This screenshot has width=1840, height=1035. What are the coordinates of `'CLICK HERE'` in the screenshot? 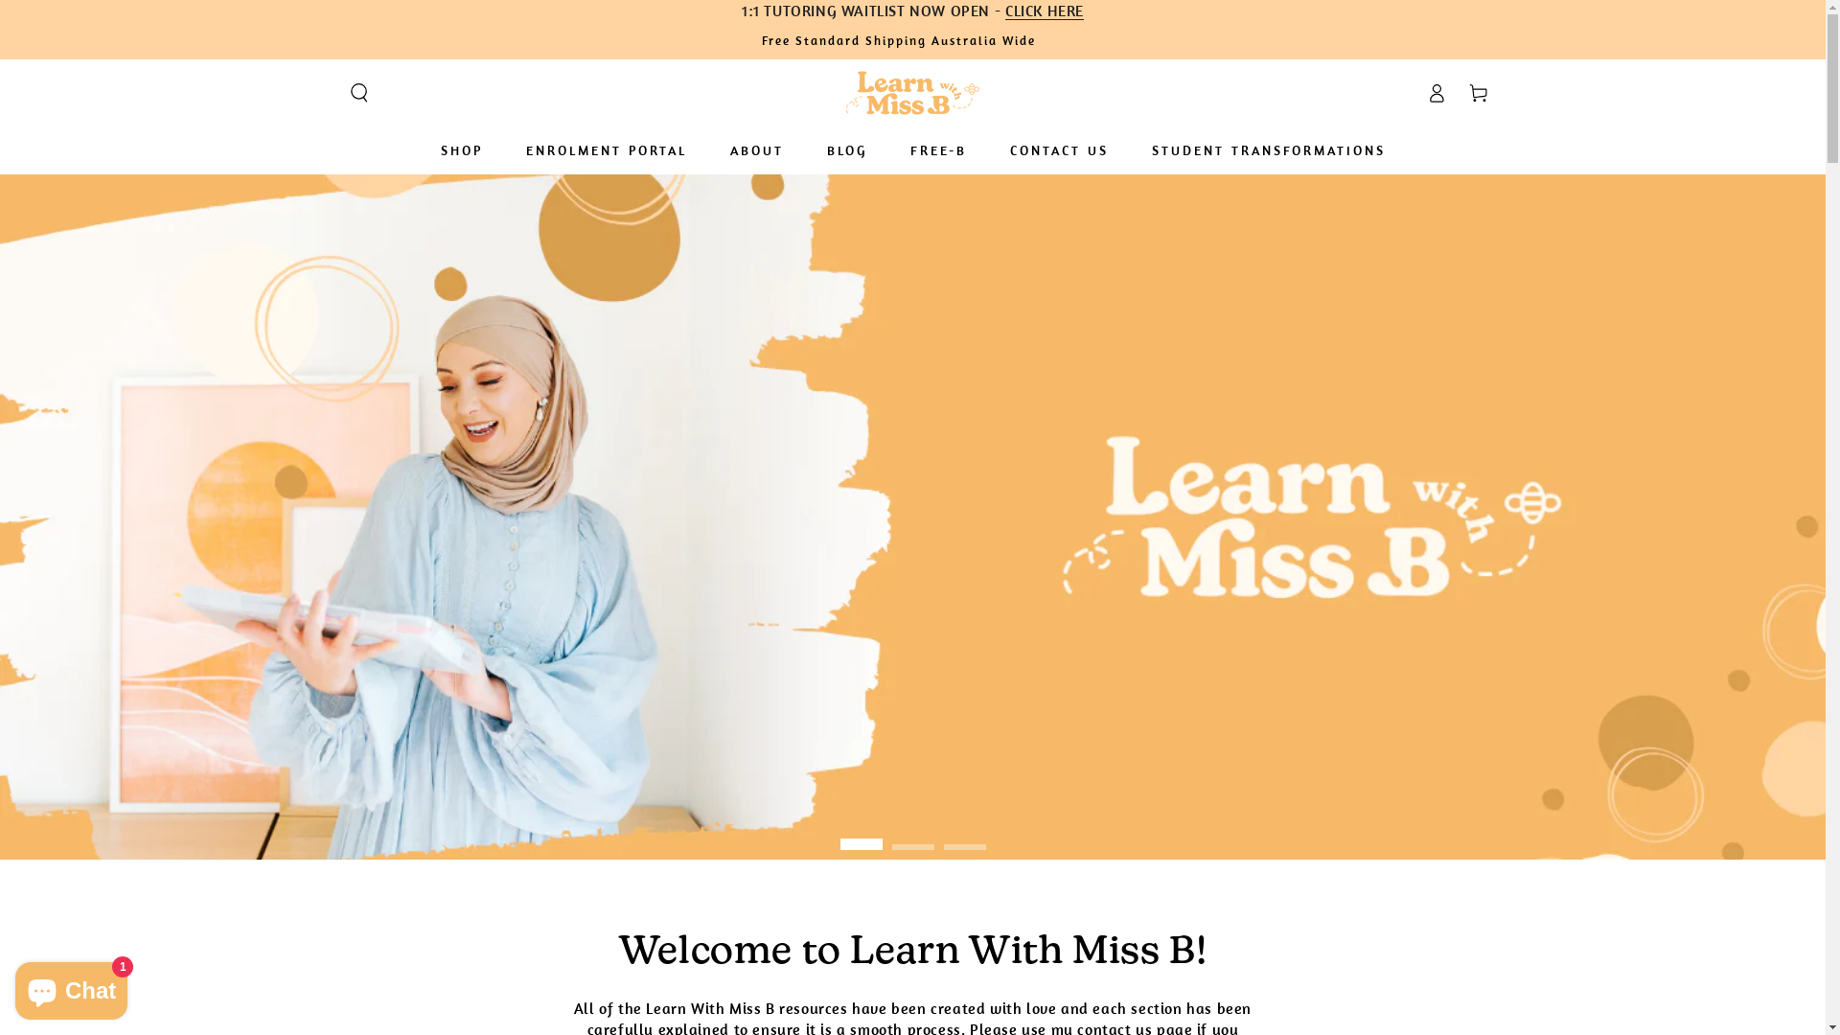 It's located at (1004, 11).